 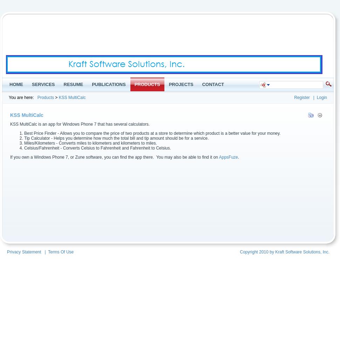 I want to click on 'Best Price Finder - Allows you to compare the price of two products at a store to determine which product is a better value for your money.', so click(x=23, y=133).